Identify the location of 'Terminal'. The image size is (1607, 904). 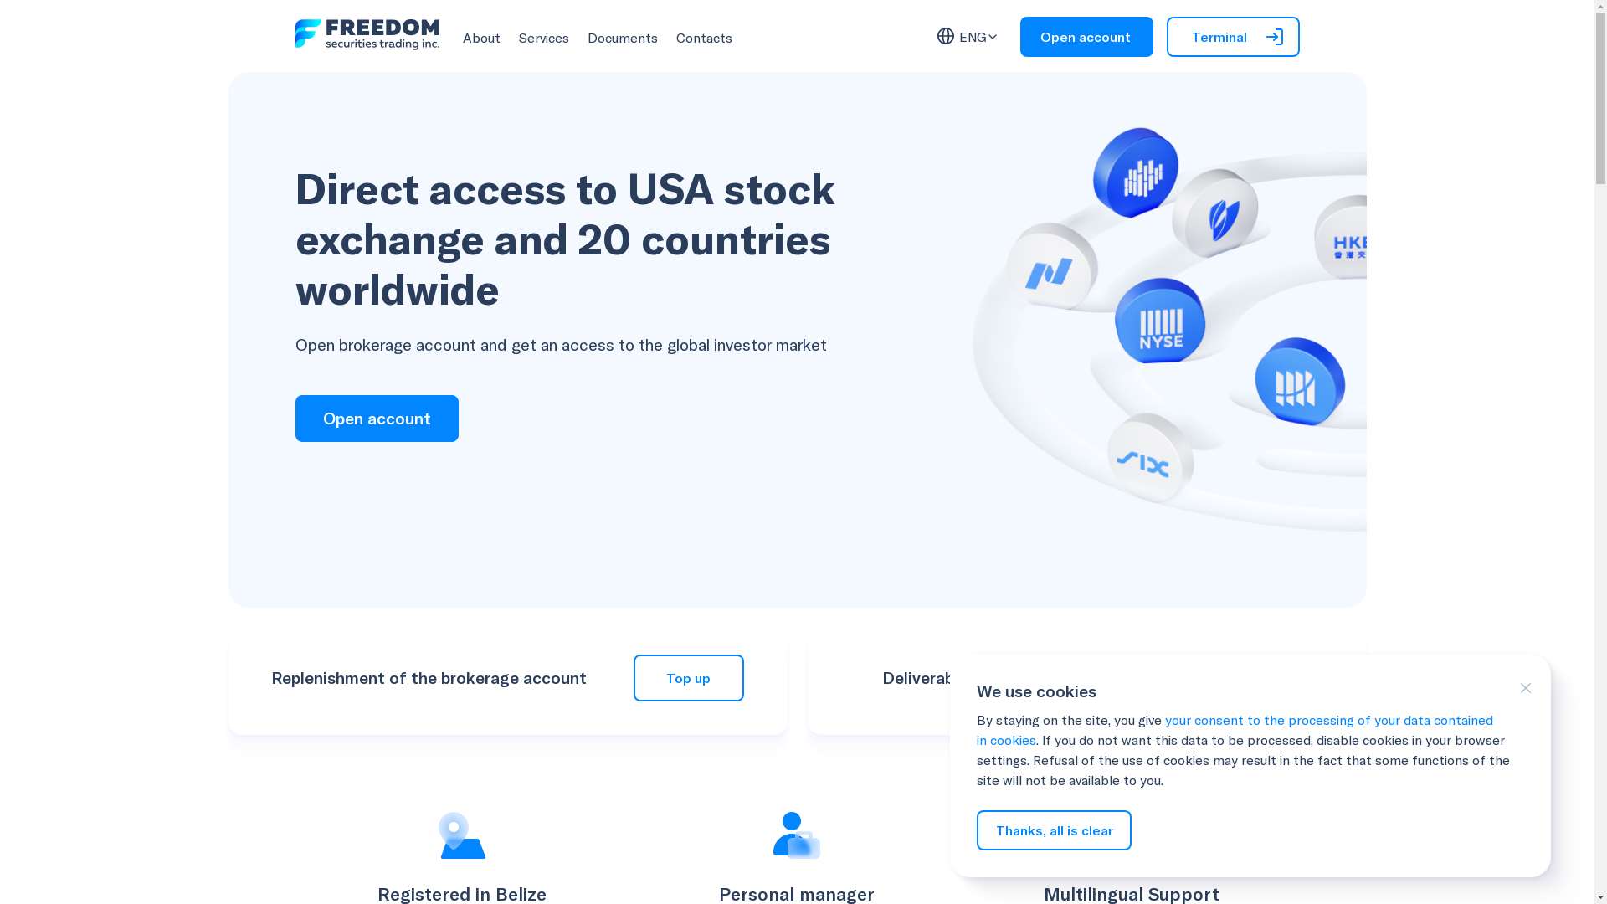
(1233, 36).